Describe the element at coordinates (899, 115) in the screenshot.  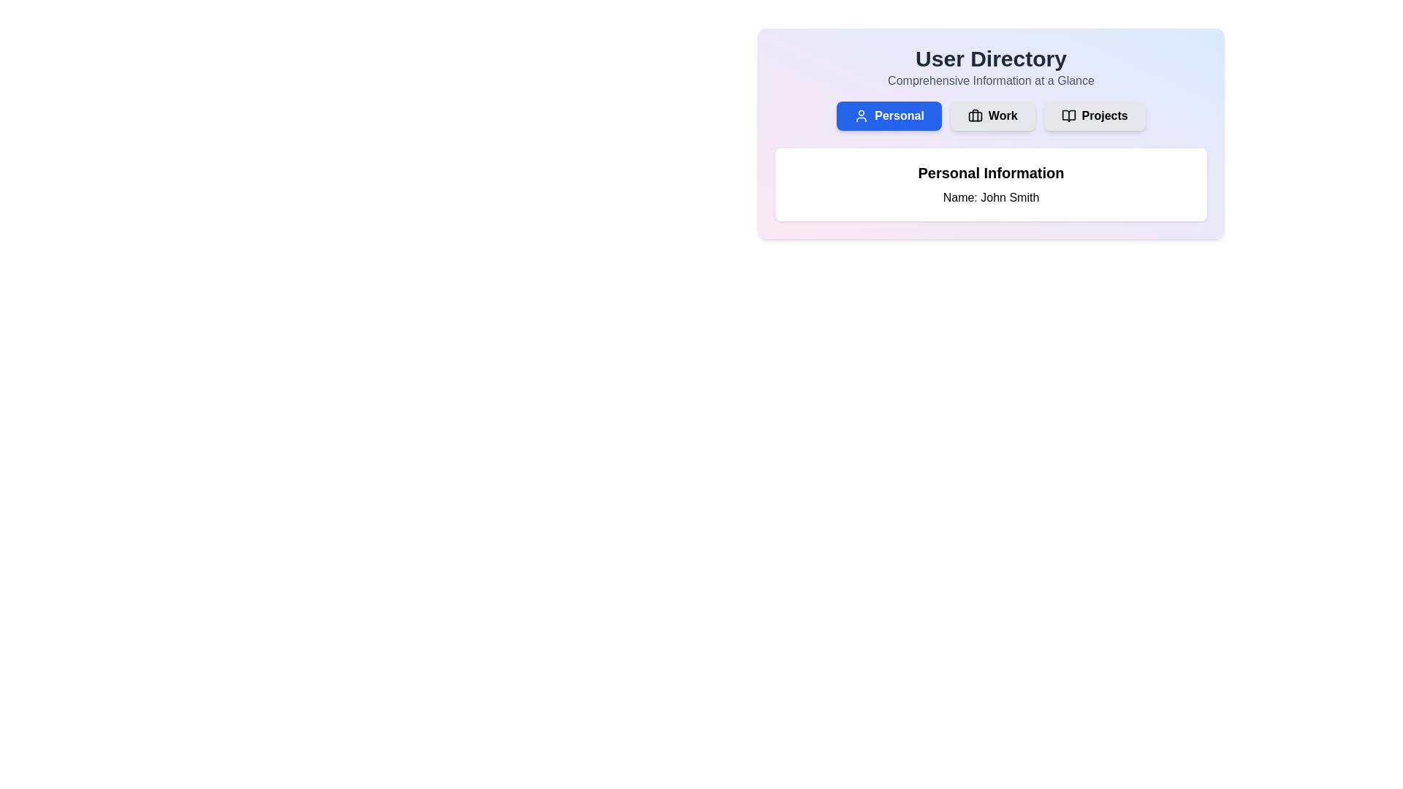
I see `the text label that indicates 'Personal' content, located in the top left corner of the first button in the button group near the top-center of the interface` at that location.